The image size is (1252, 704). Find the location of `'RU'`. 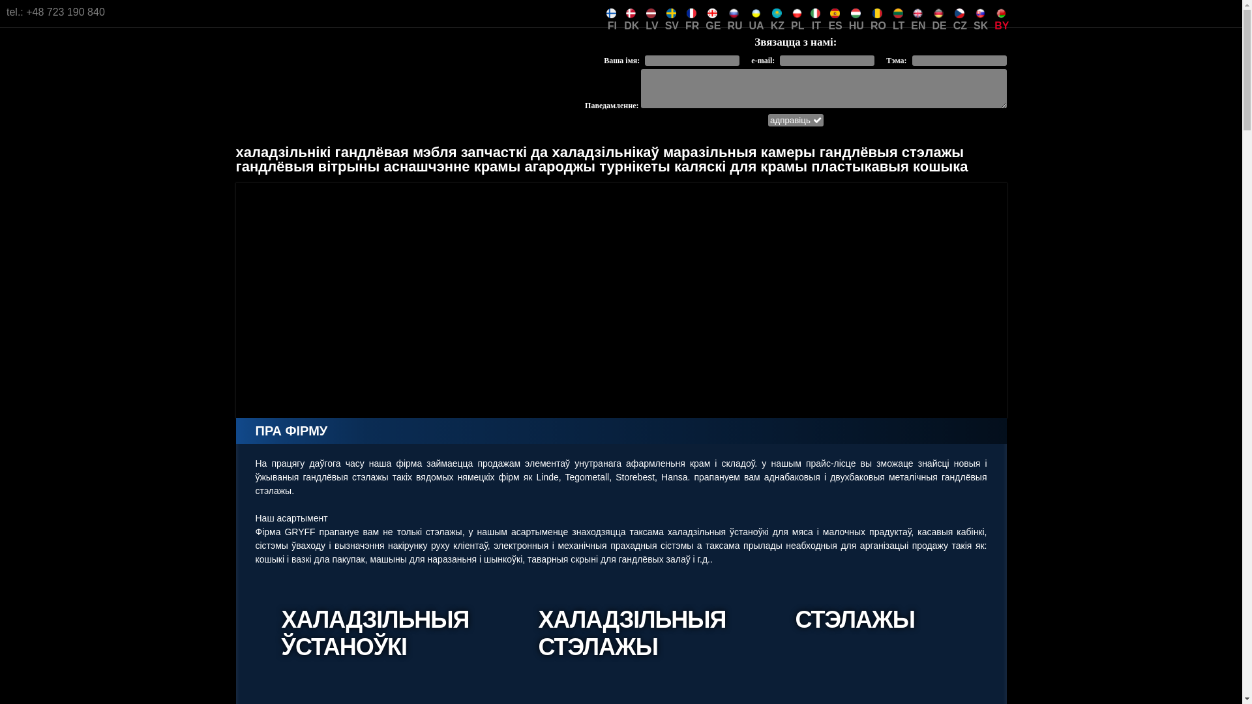

'RU' is located at coordinates (734, 12).